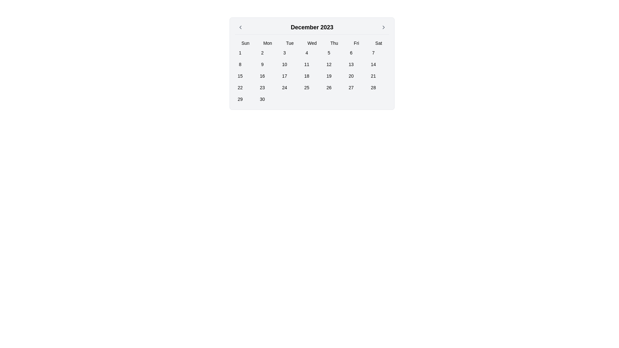 This screenshot has height=348, width=619. What do you see at coordinates (290, 43) in the screenshot?
I see `the text label indicating 'Tuesday' in the calendar view, which is the third header in the row of weekday names` at bounding box center [290, 43].